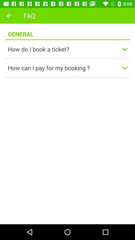  Describe the element at coordinates (9, 15) in the screenshot. I see `the item above the general item` at that location.